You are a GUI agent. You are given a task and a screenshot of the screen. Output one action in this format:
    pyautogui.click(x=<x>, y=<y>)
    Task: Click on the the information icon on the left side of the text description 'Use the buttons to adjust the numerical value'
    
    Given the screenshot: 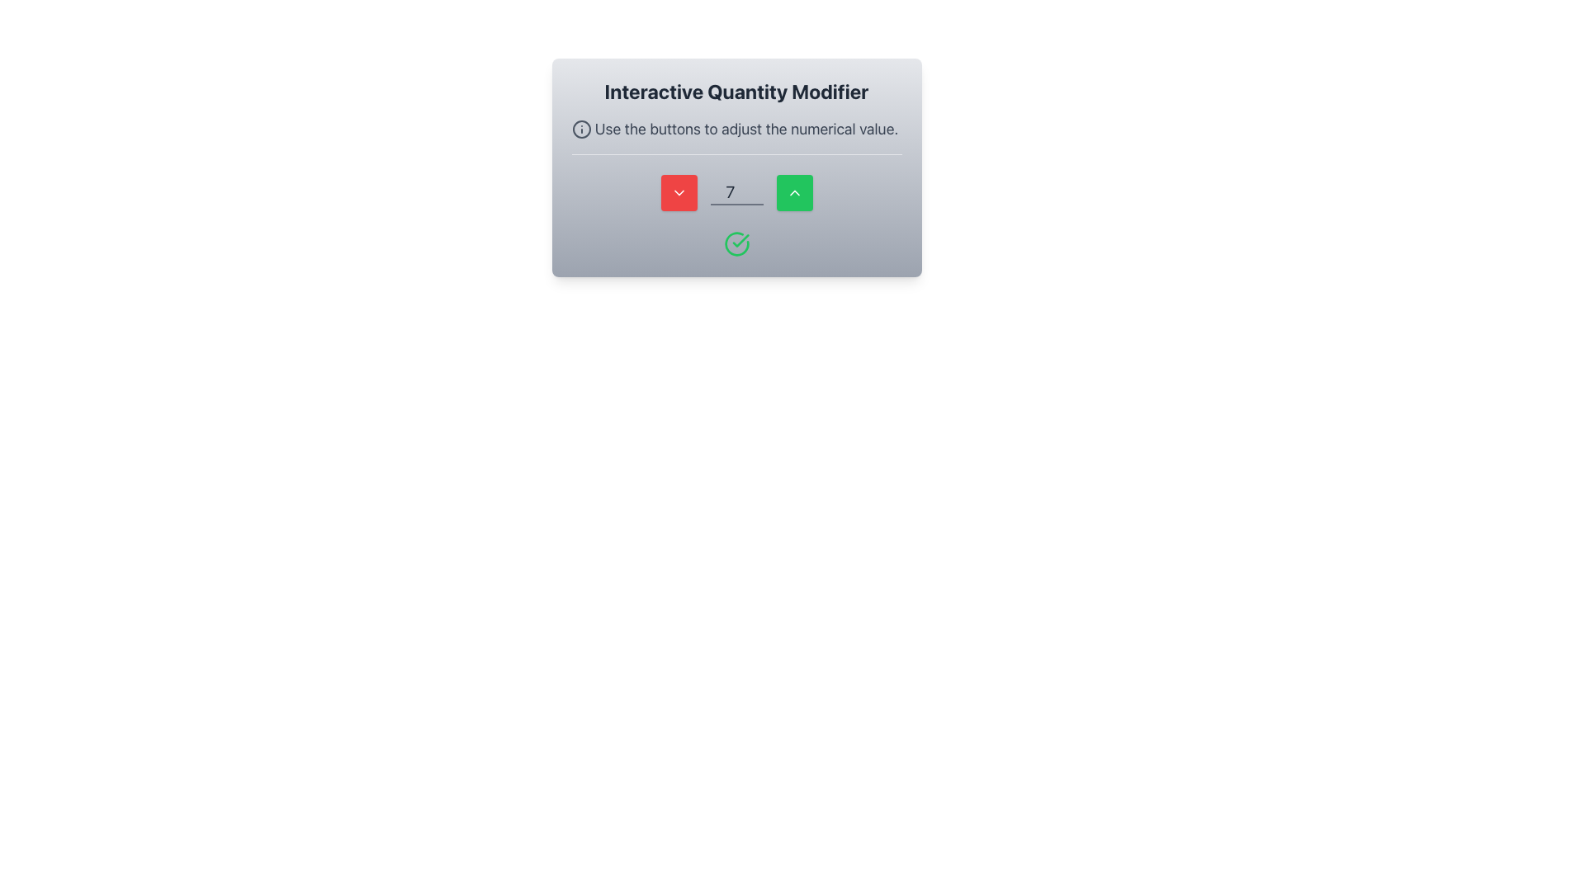 What is the action you would take?
    pyautogui.click(x=581, y=129)
    